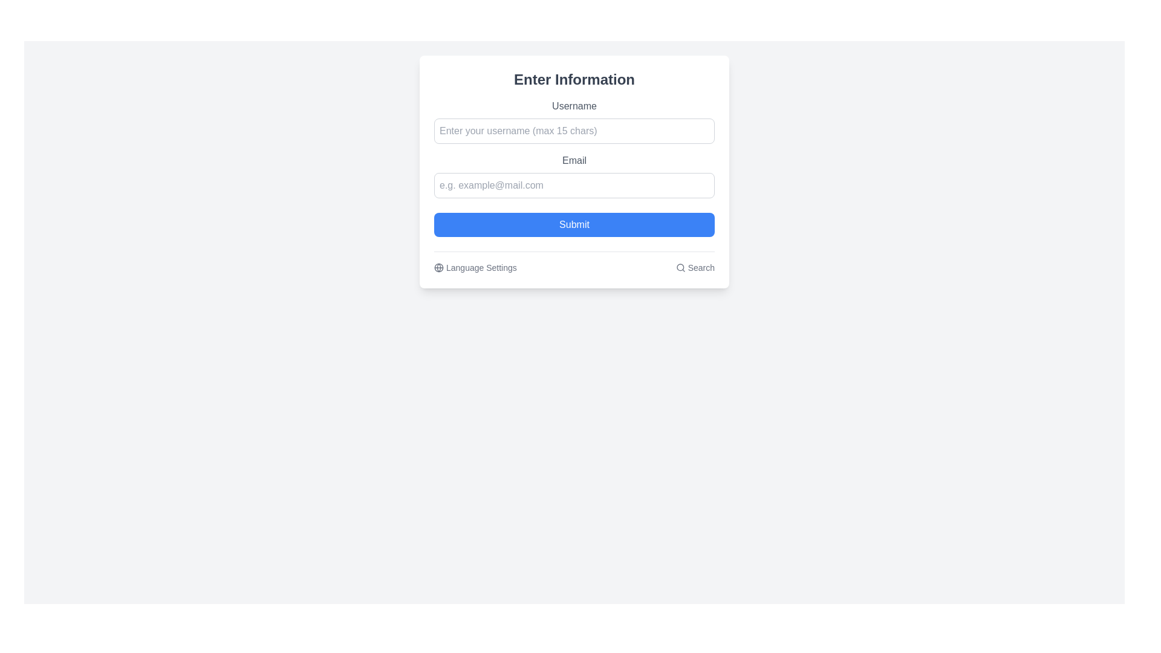 The height and width of the screenshot is (653, 1161). What do you see at coordinates (680, 267) in the screenshot?
I see `the small magnifying glass icon located at the bottom-right corner of the form card` at bounding box center [680, 267].